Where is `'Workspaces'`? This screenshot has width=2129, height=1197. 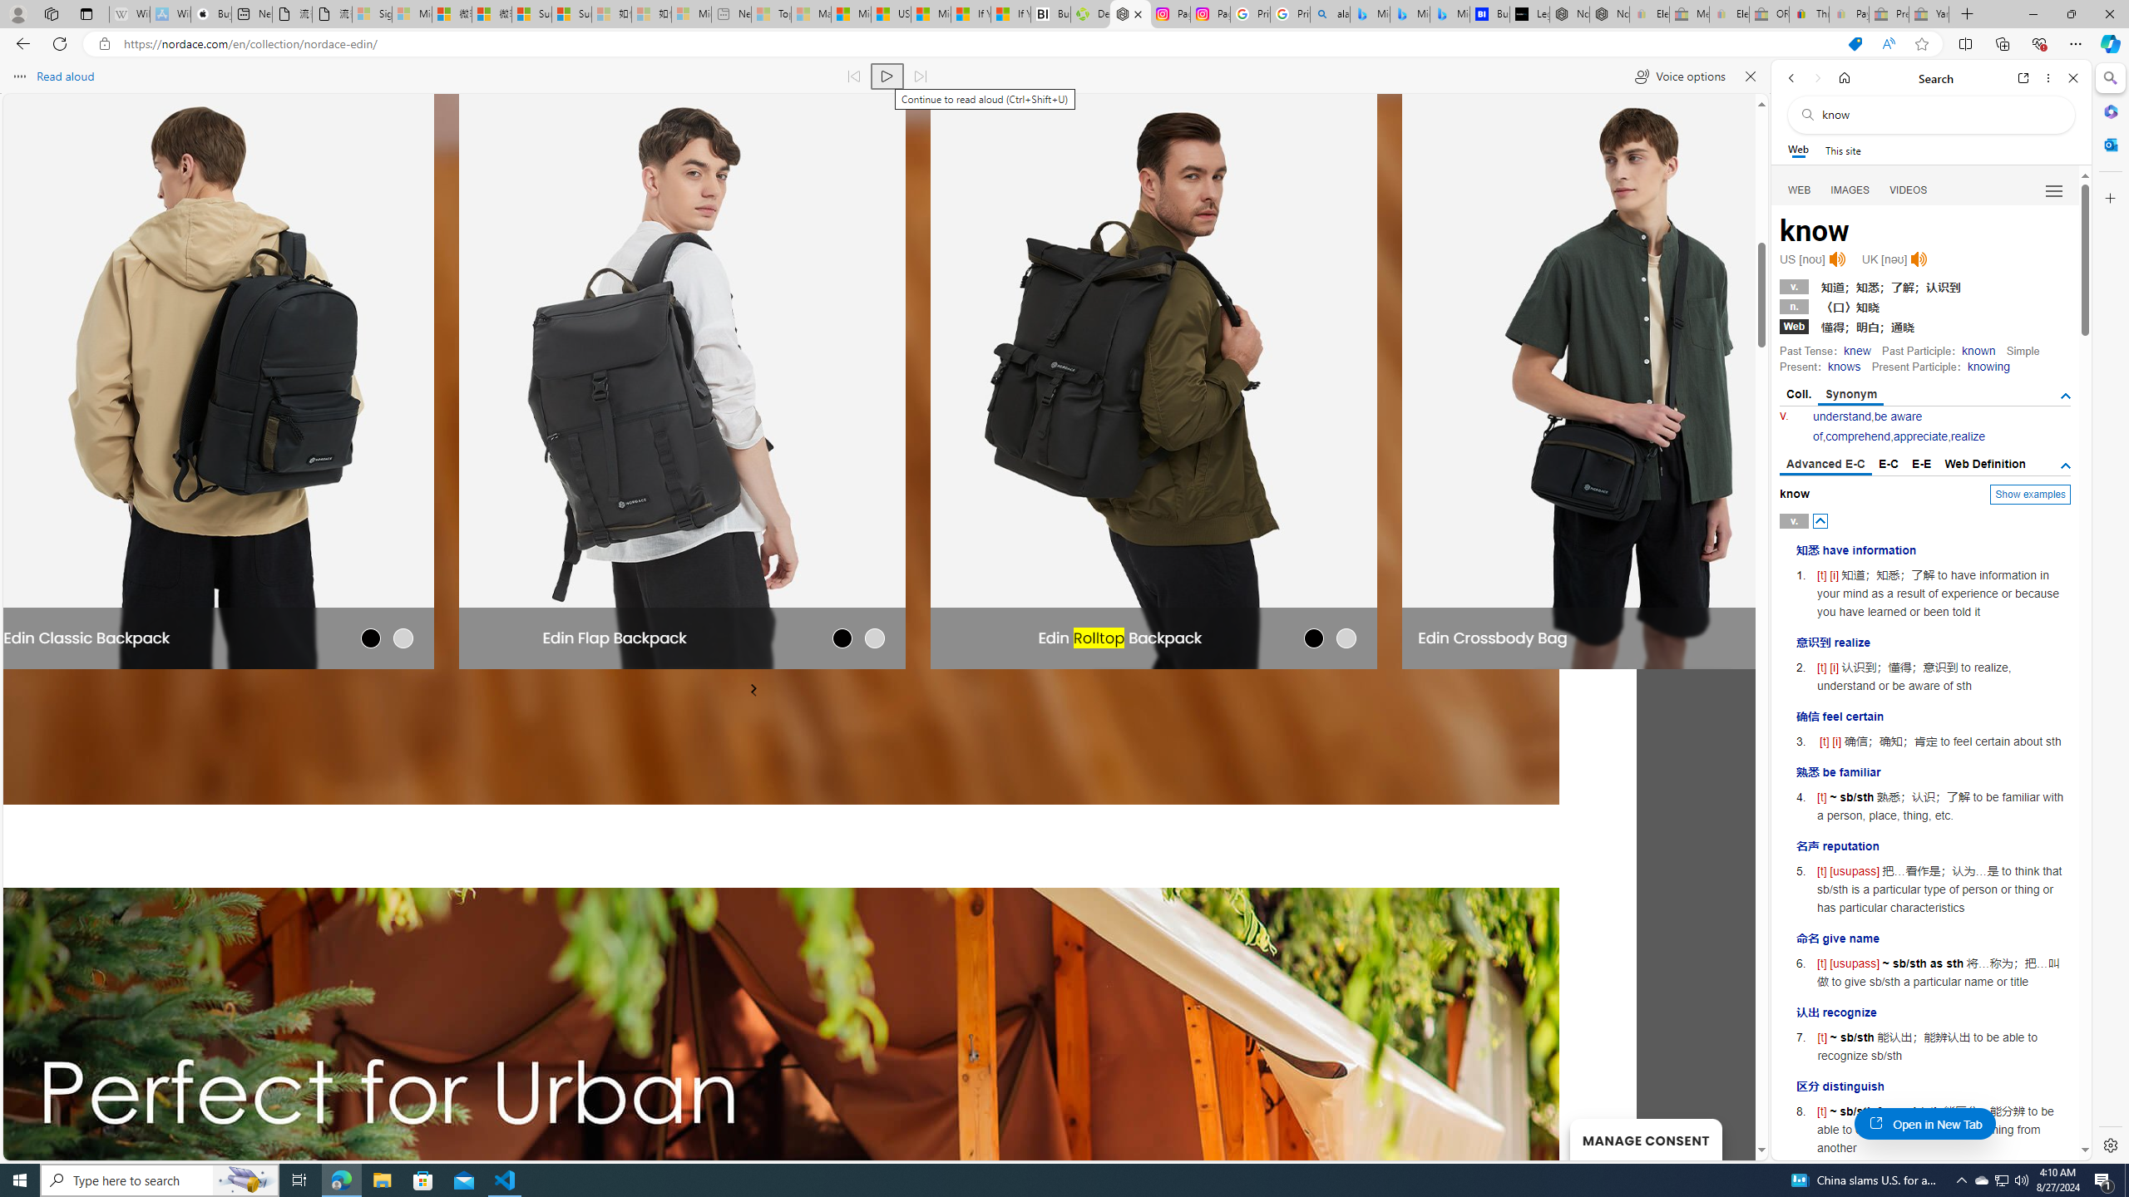
'Workspaces' is located at coordinates (51, 13).